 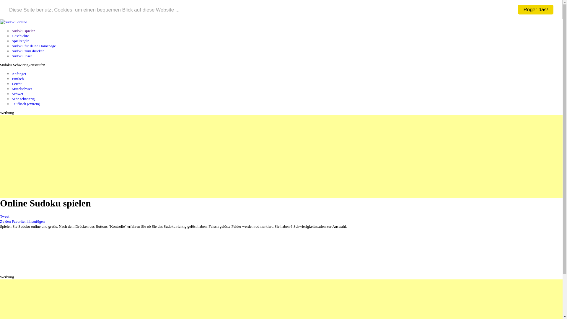 What do you see at coordinates (20, 36) in the screenshot?
I see `'Geschichte'` at bounding box center [20, 36].